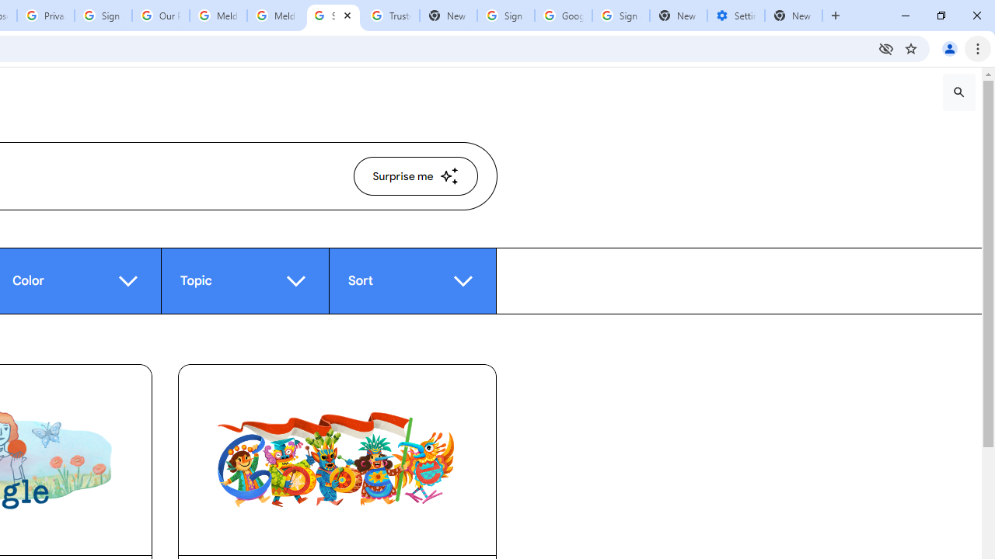  I want to click on 'Google Cybersecurity Innovations - Google Safety Center', so click(562, 16).